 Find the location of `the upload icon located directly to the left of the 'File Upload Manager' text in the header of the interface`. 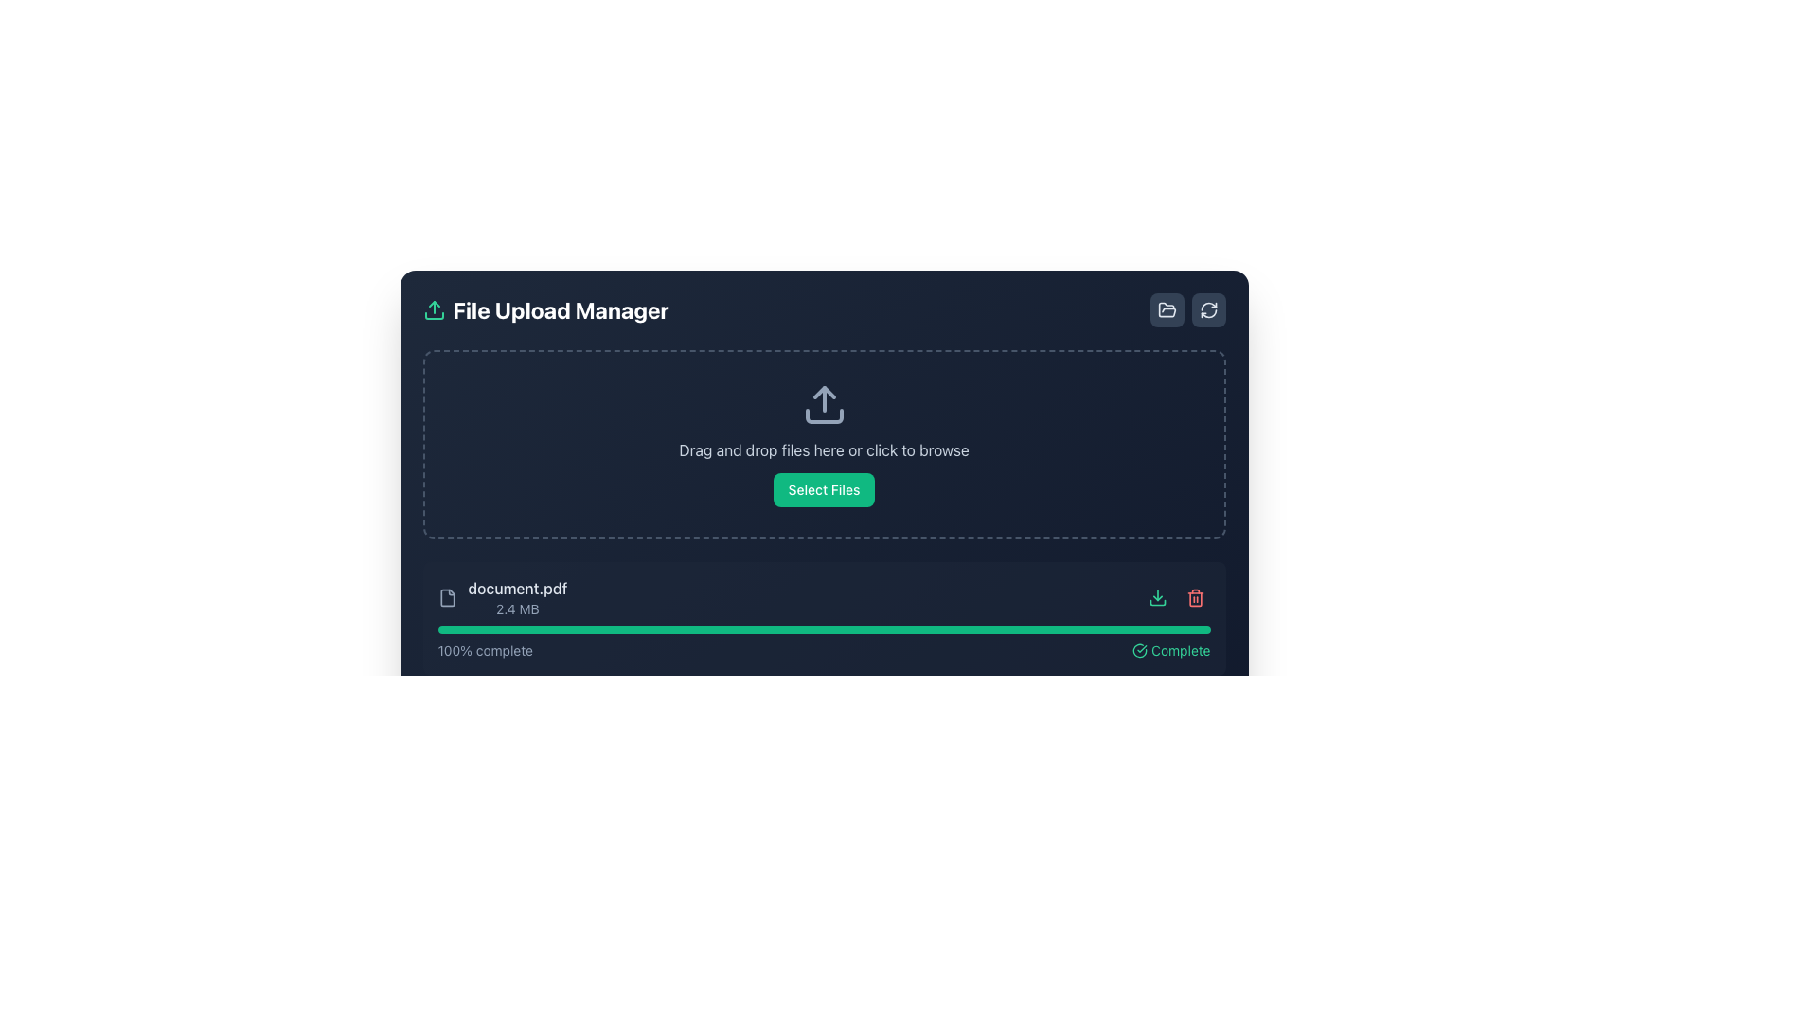

the upload icon located directly to the left of the 'File Upload Manager' text in the header of the interface is located at coordinates (433, 308).